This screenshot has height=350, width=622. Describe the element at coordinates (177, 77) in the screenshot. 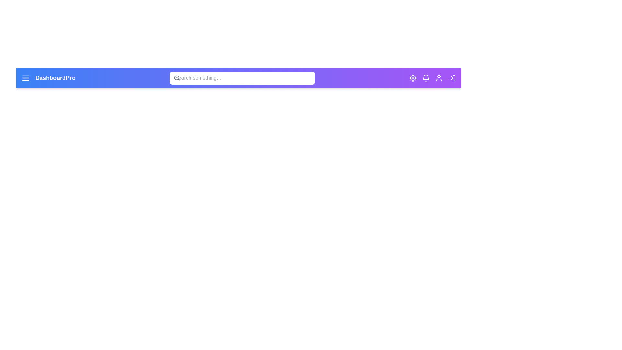

I see `the search icon to execute a search` at that location.